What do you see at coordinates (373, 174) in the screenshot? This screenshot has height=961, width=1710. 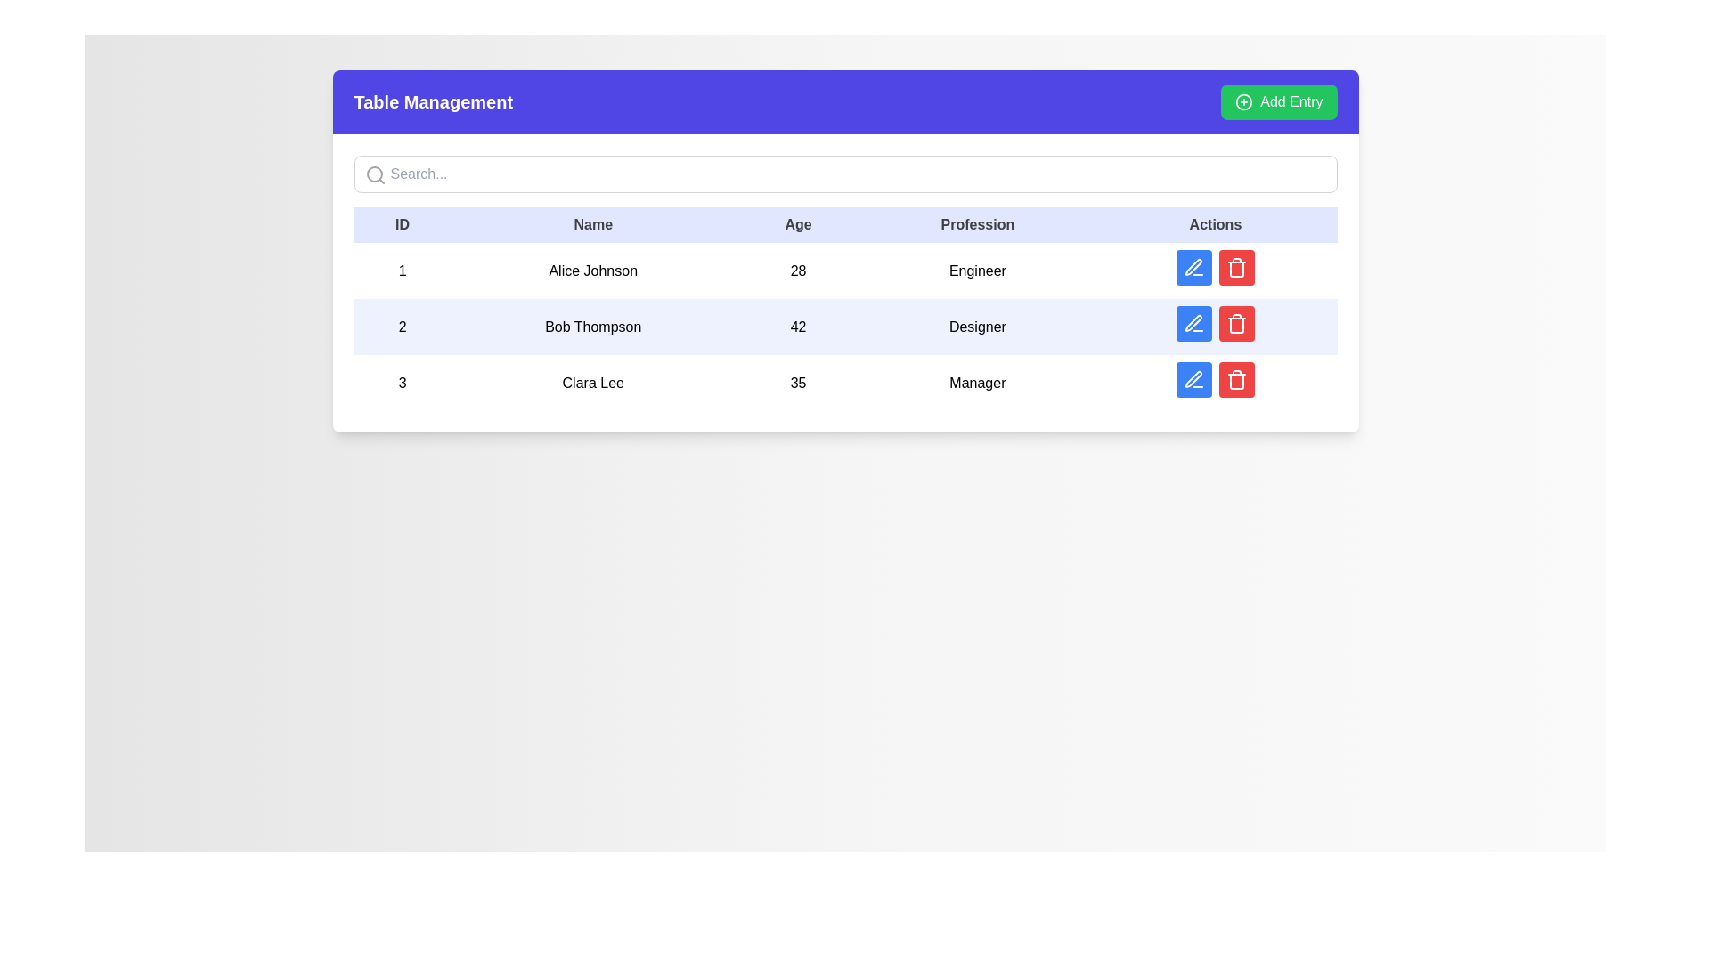 I see `the central part of the magnifying glass graphic located to the left of the search input field in the toolbar of the Table Management interface` at bounding box center [373, 174].